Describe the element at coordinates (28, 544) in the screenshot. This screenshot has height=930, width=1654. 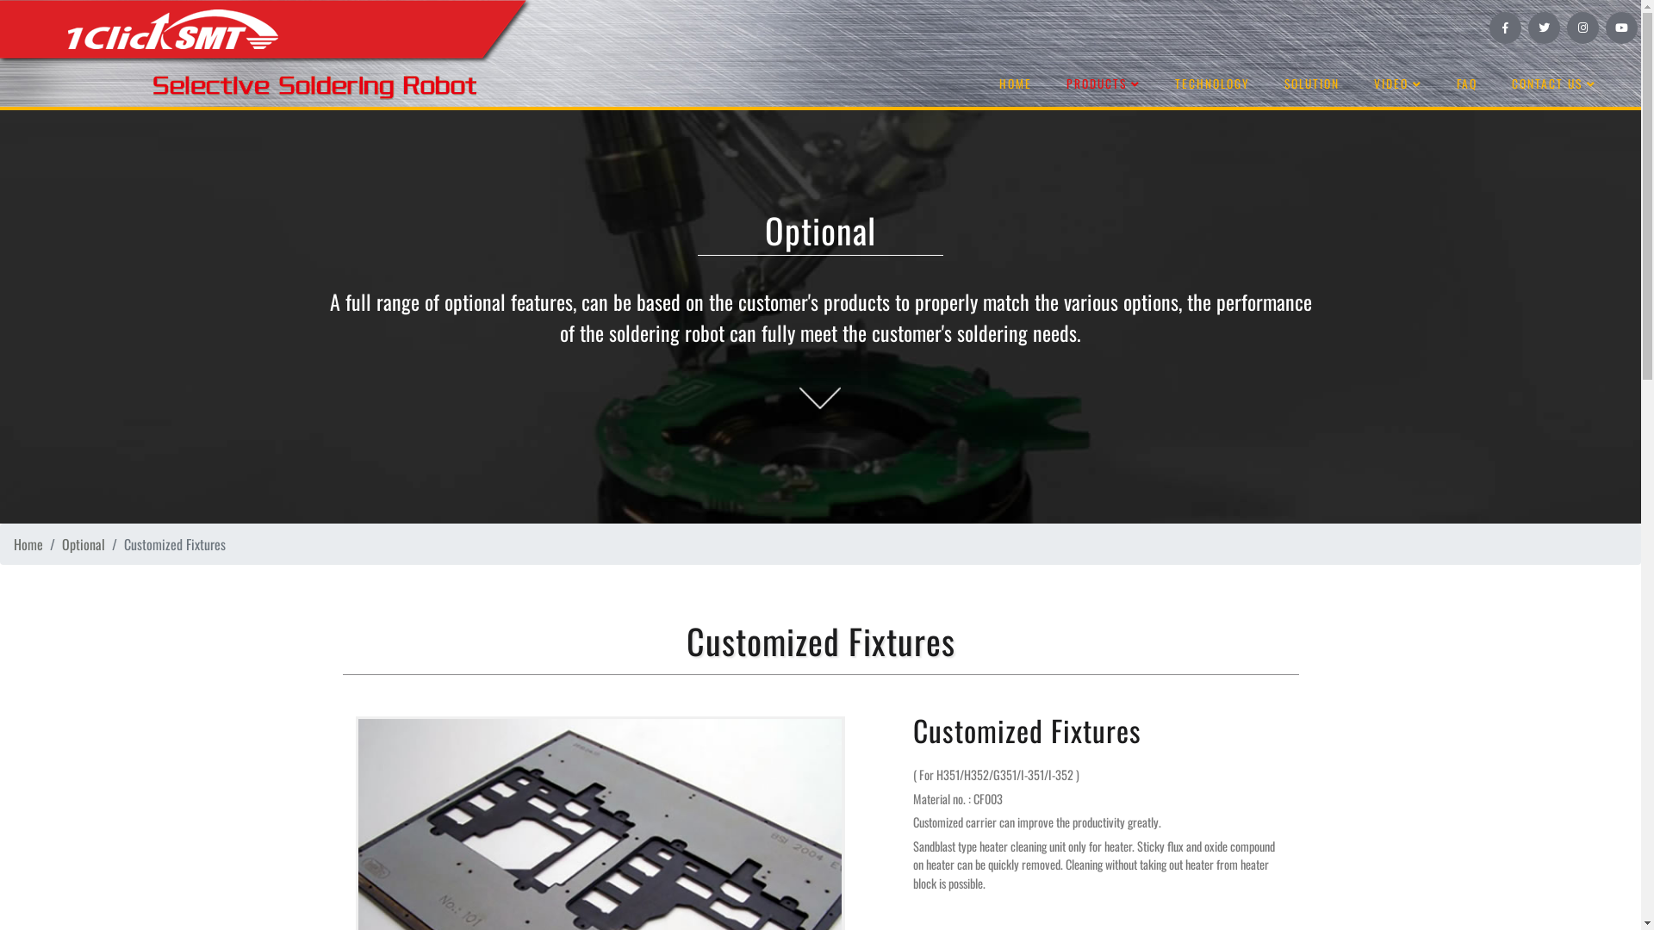
I see `'Home'` at that location.